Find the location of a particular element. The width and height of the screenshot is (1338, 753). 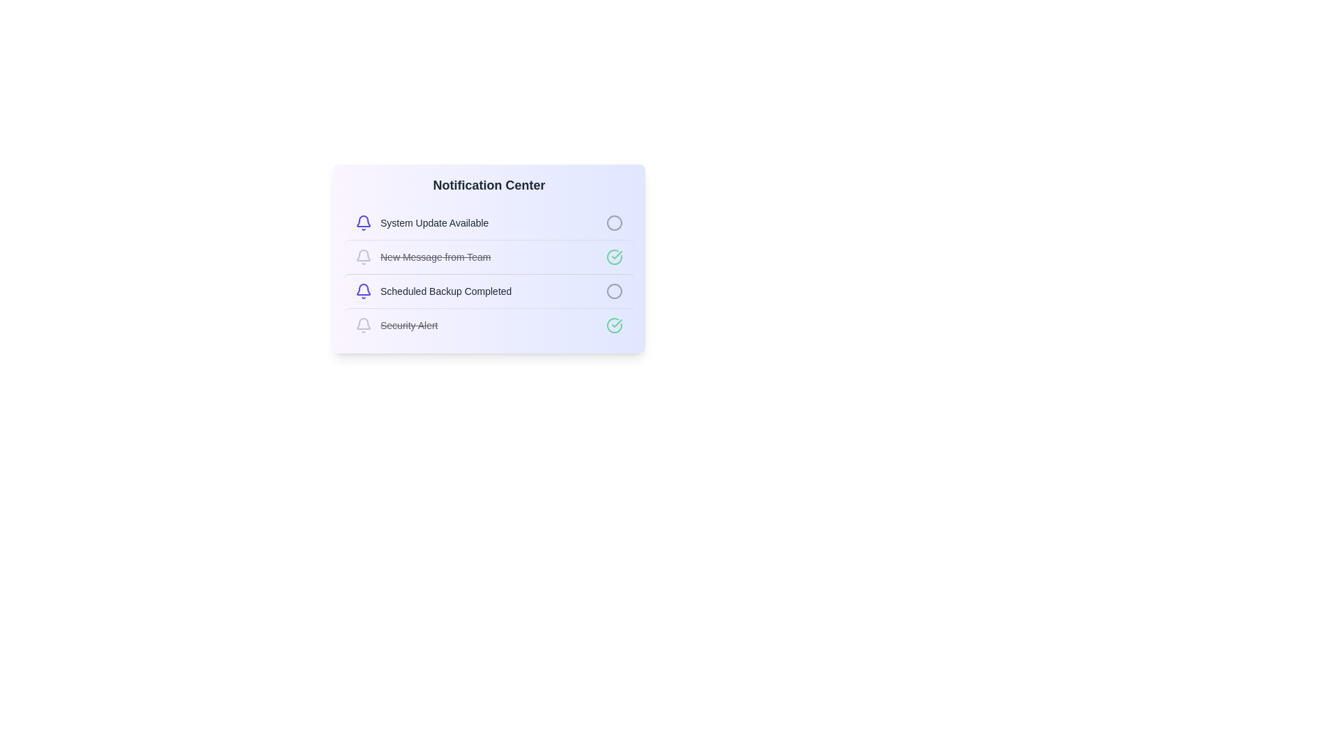

the notification titled 'System Update Available' to highlight it is located at coordinates (489, 222).